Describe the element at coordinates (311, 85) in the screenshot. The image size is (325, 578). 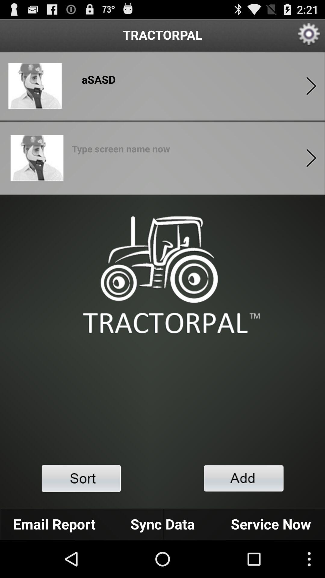
I see `back farce` at that location.